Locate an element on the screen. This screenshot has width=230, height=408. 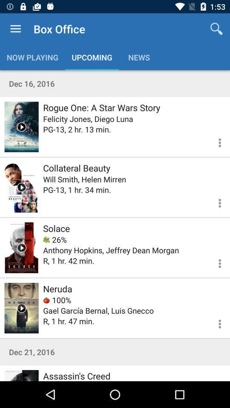
trailer is located at coordinates (21, 126).